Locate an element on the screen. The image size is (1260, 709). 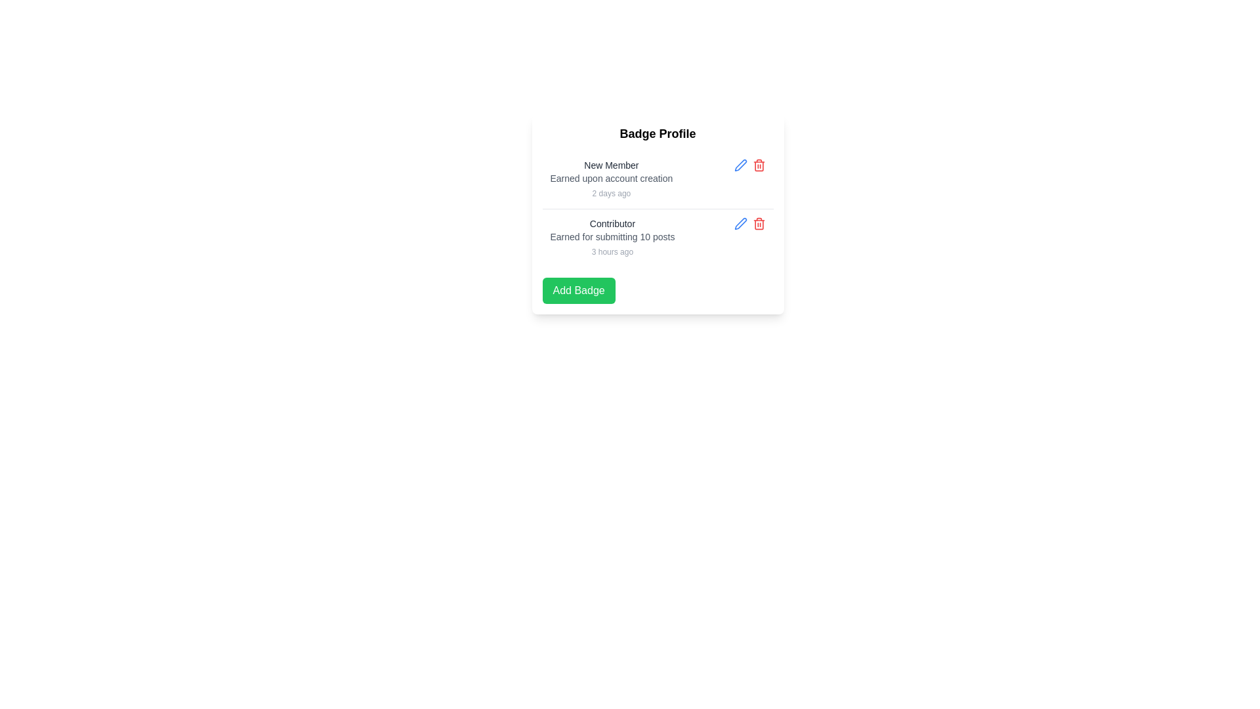
the text label that serves as an identifier for the second badge entry in the badge listing interface, positioned above the description 'Earned for submitting 10 posts' is located at coordinates (612, 223).